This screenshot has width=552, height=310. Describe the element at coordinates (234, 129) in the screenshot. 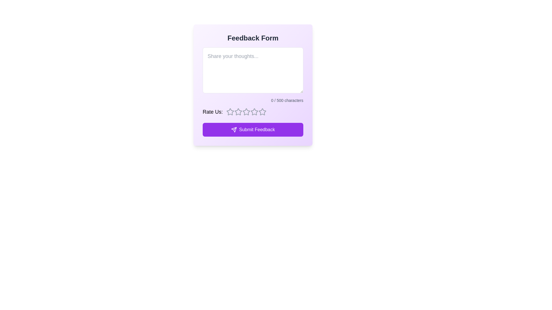

I see `the small triangular-shaped paper airplane icon with a white stroke outline located to the left of the text` at that location.